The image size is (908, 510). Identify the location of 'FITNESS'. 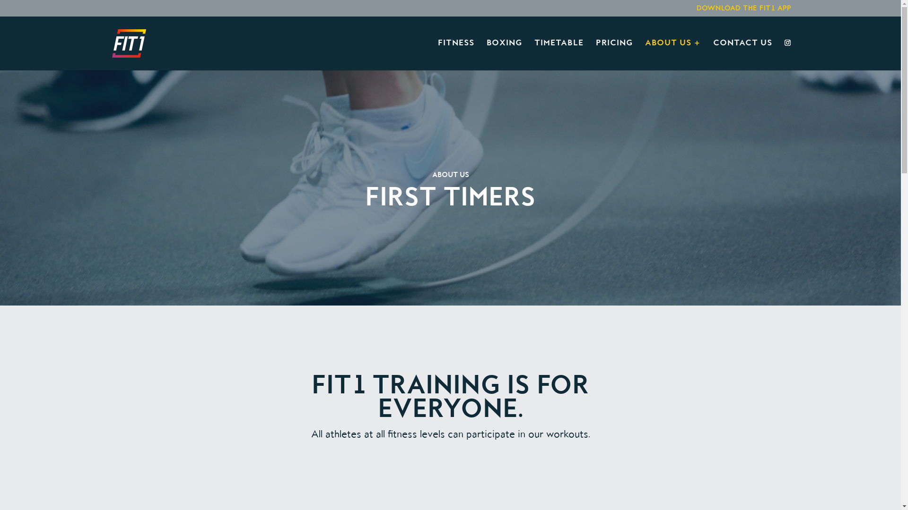
(437, 55).